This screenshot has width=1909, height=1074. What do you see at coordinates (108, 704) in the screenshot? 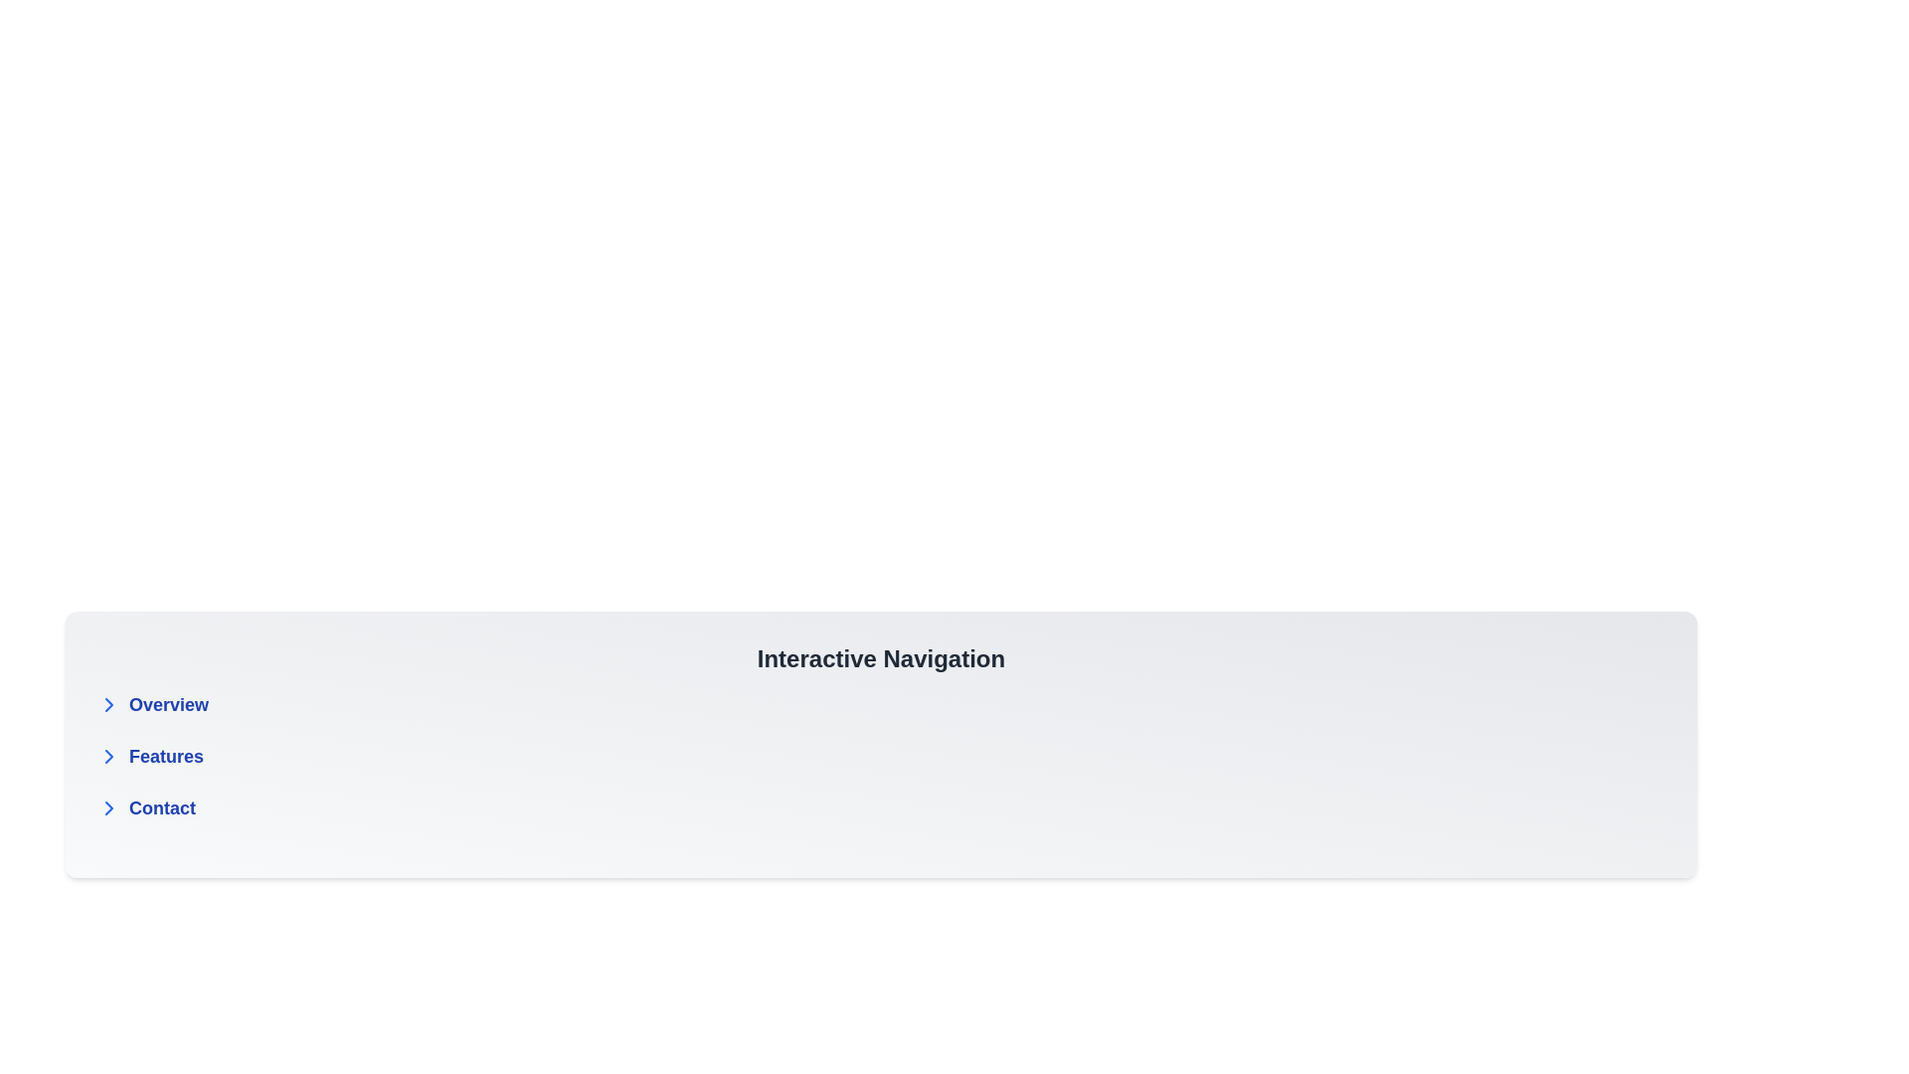
I see `the right-facing chevron icon located to the left of the 'Overview' label` at bounding box center [108, 704].